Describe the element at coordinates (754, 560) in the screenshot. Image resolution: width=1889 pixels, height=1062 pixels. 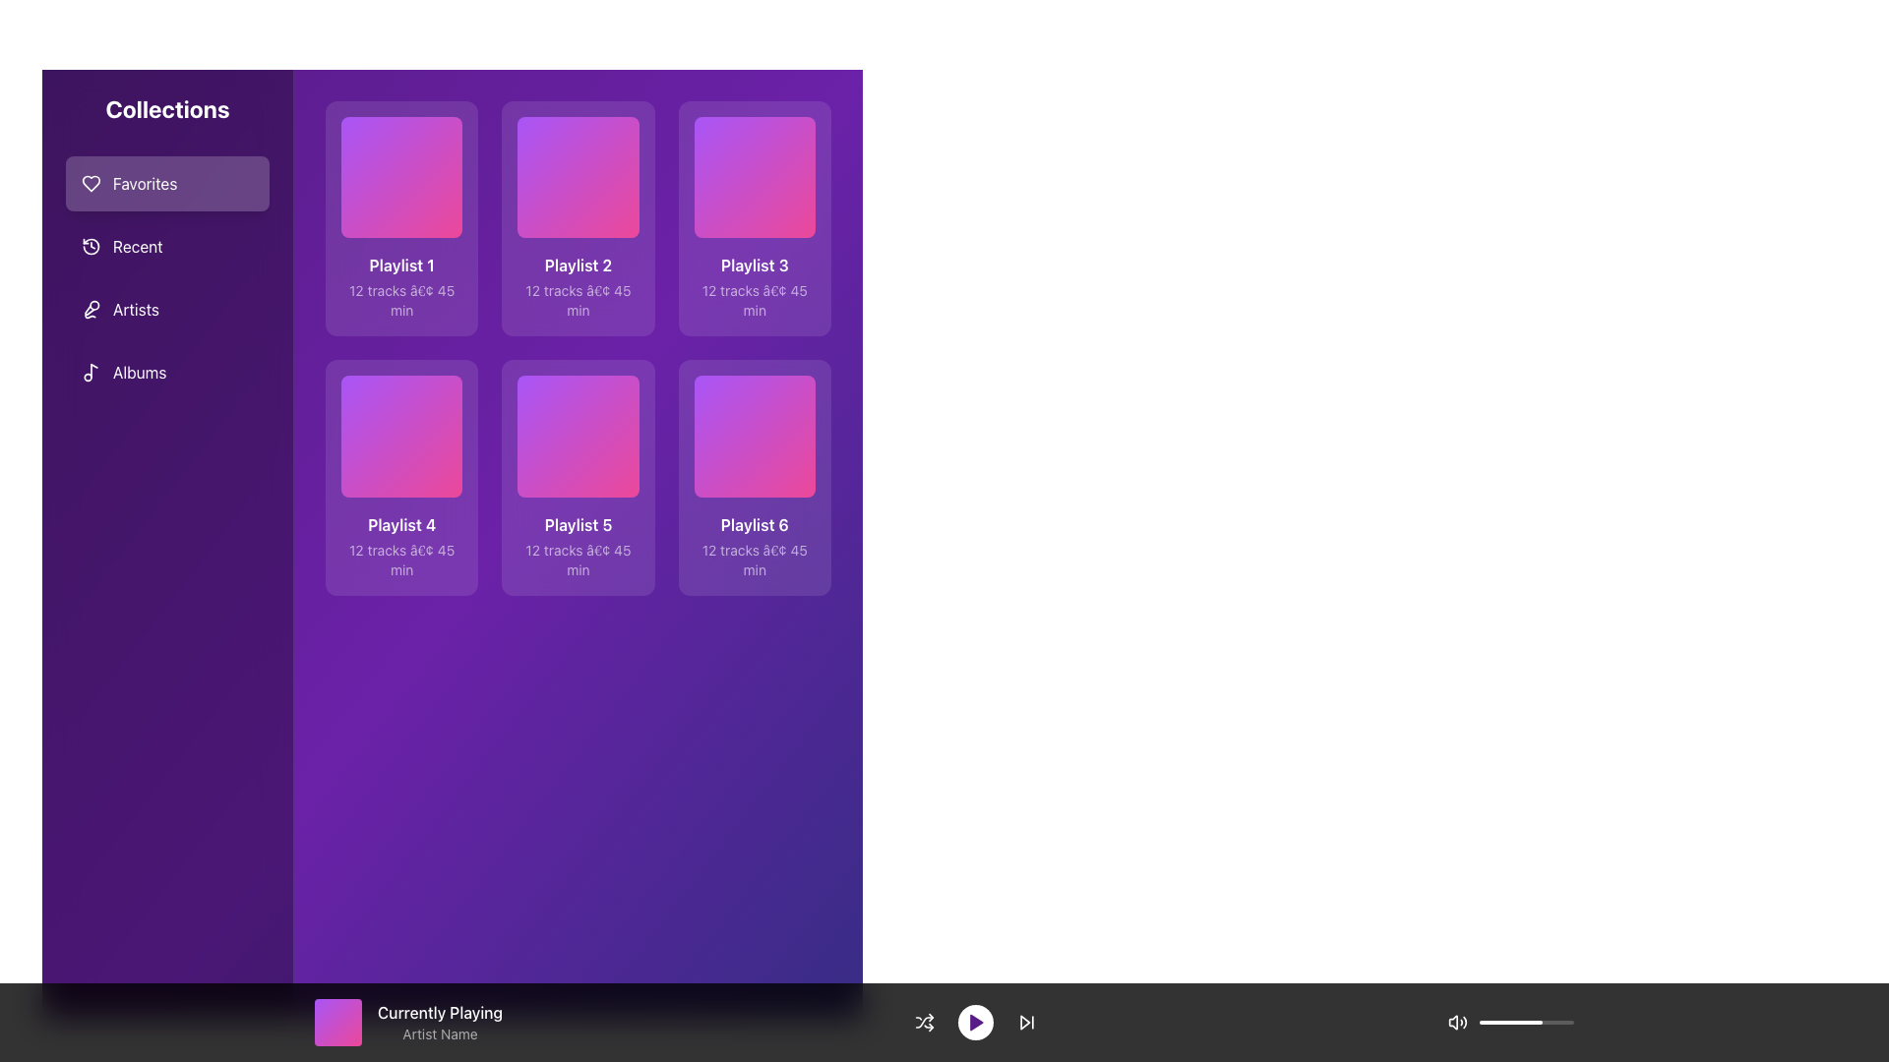
I see `the Text label that provides meta-information about the playlist, specifically the number of tracks and total duration, located in the bottom-right corner of the sixth playlist card under the title 'Playlist 6'` at that location.